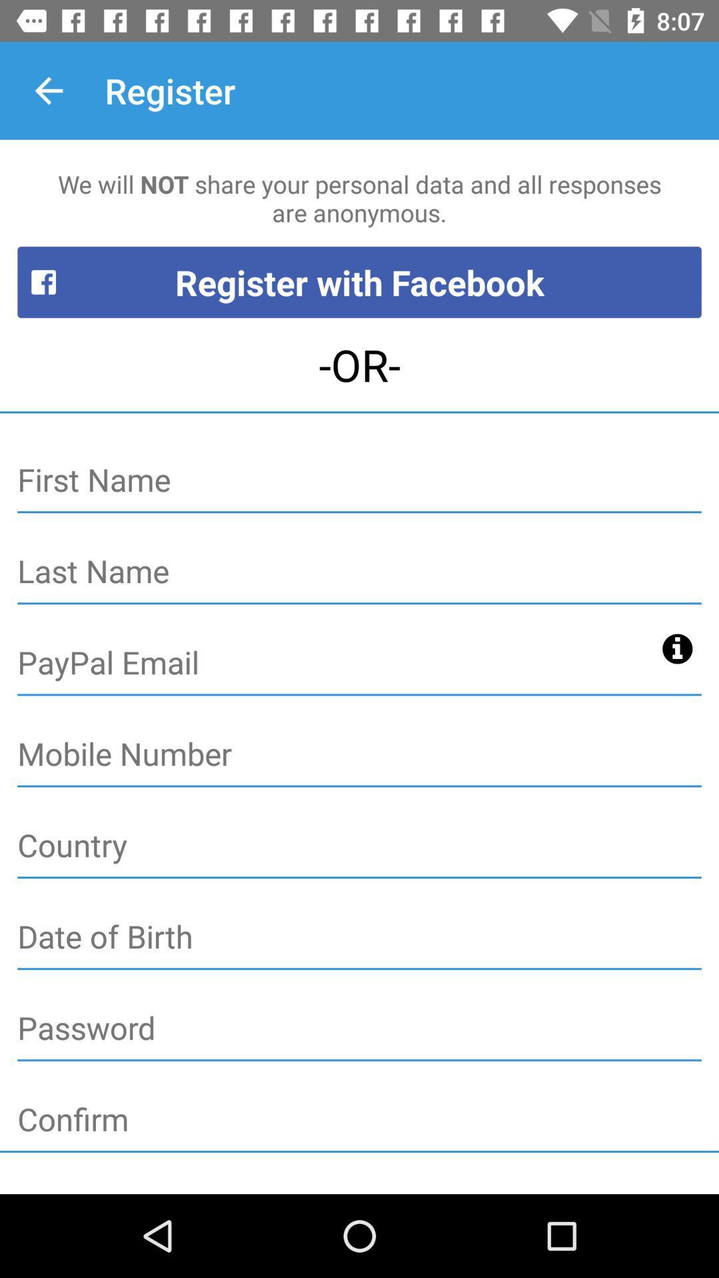 The image size is (719, 1278). What do you see at coordinates (359, 480) in the screenshot?
I see `first name button` at bounding box center [359, 480].